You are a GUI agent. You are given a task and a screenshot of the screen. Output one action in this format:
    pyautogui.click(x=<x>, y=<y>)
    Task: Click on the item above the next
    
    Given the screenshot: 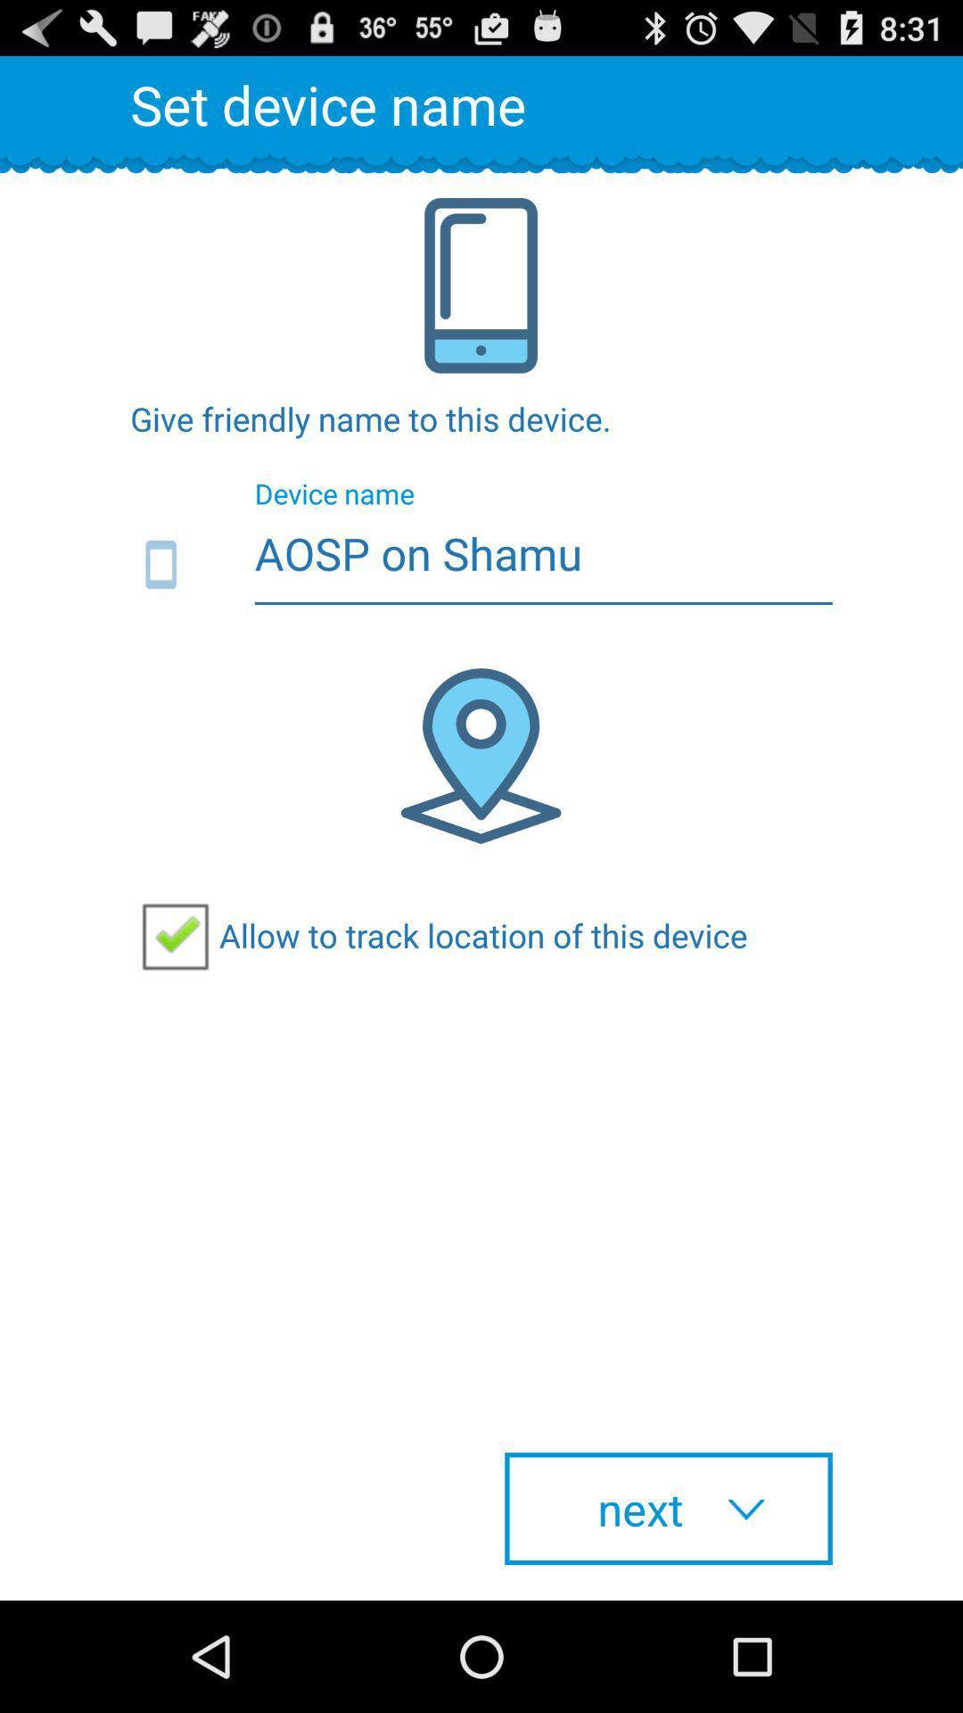 What is the action you would take?
    pyautogui.click(x=439, y=934)
    